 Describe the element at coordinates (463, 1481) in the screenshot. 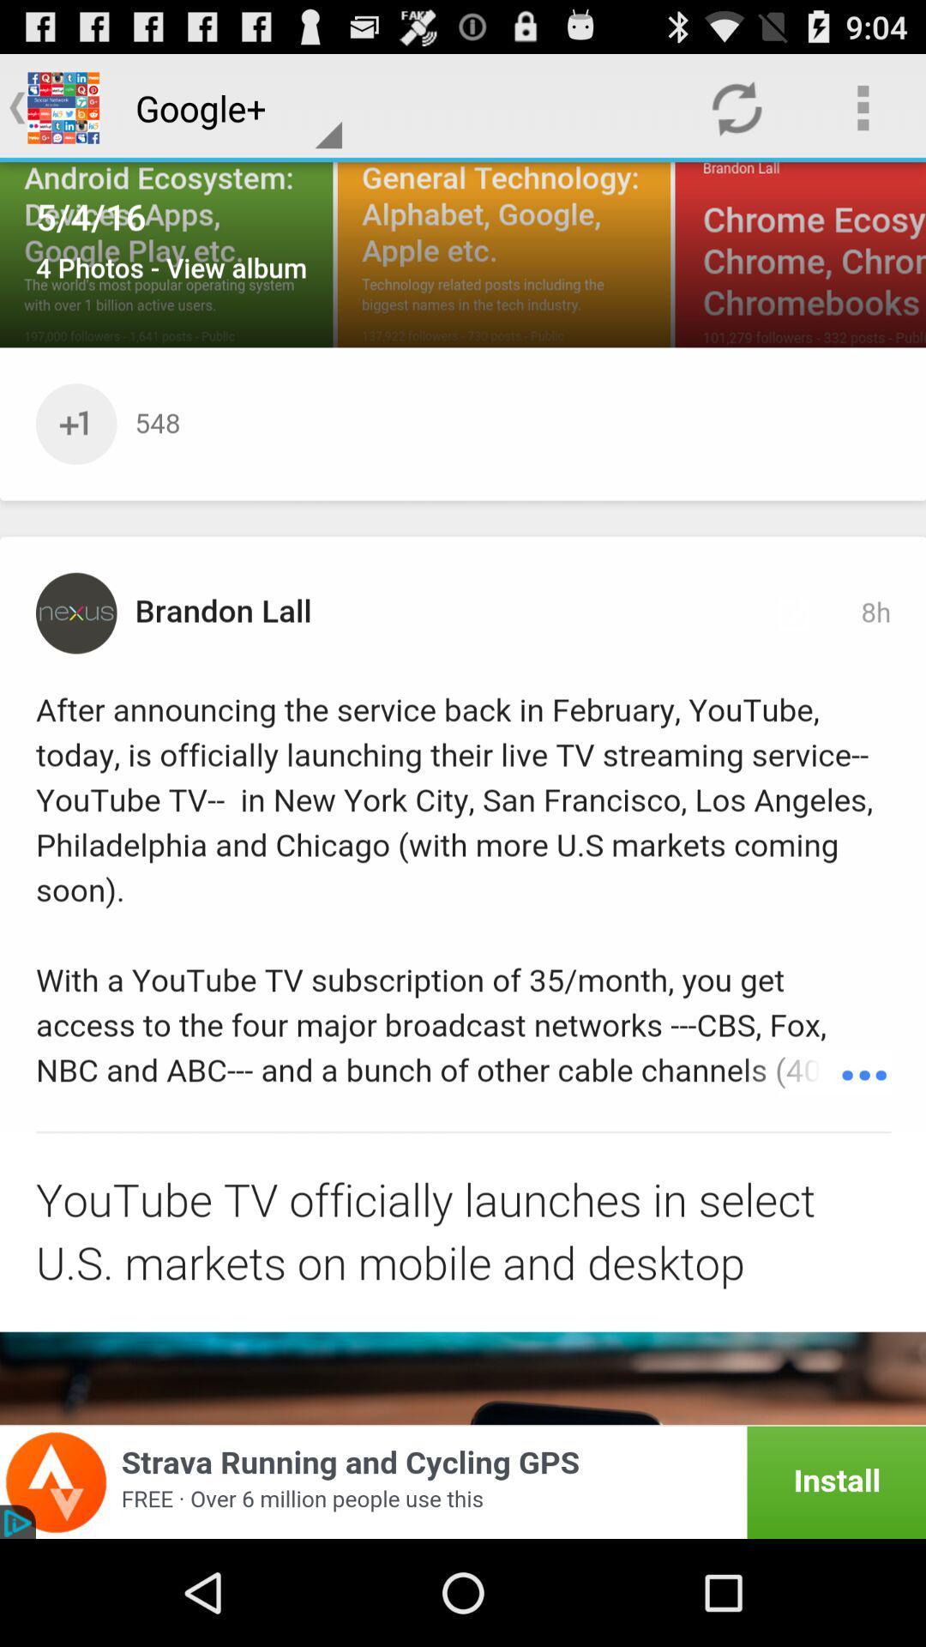

I see `install strava` at that location.